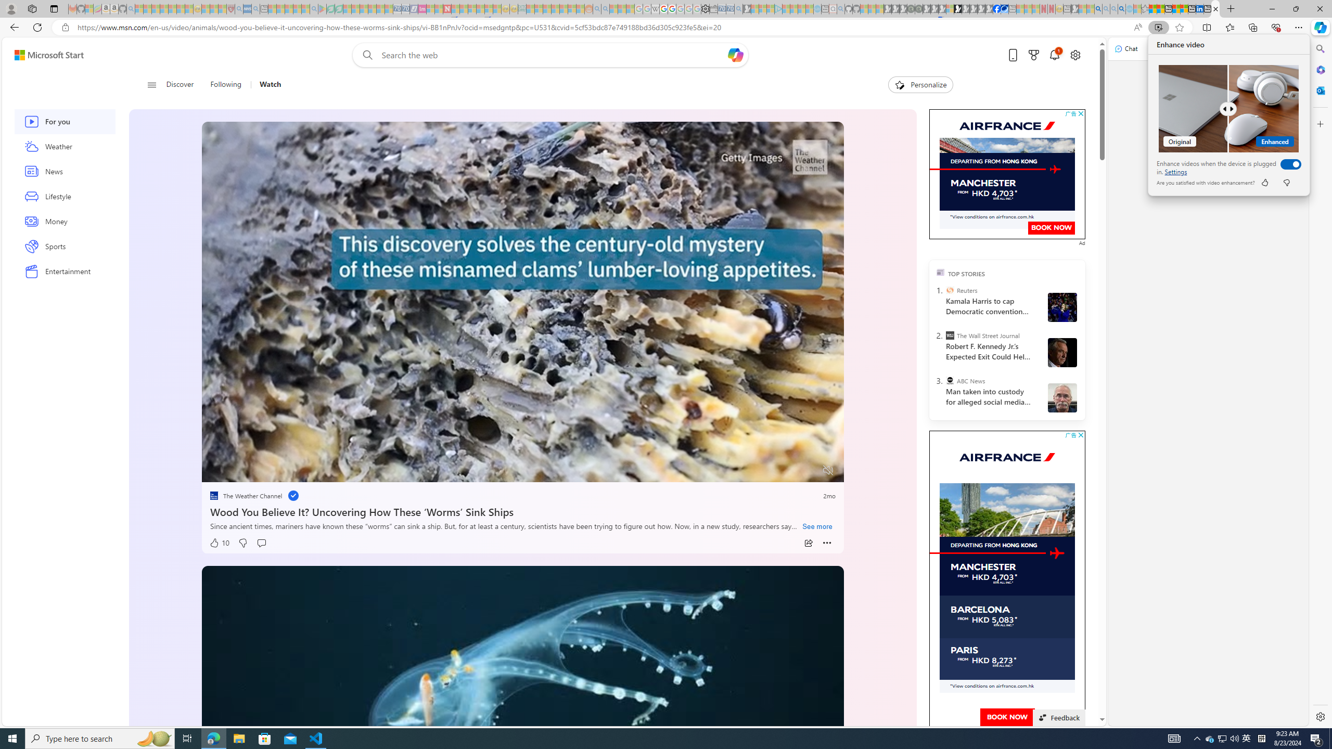  I want to click on 'Notifications', so click(1054, 55).